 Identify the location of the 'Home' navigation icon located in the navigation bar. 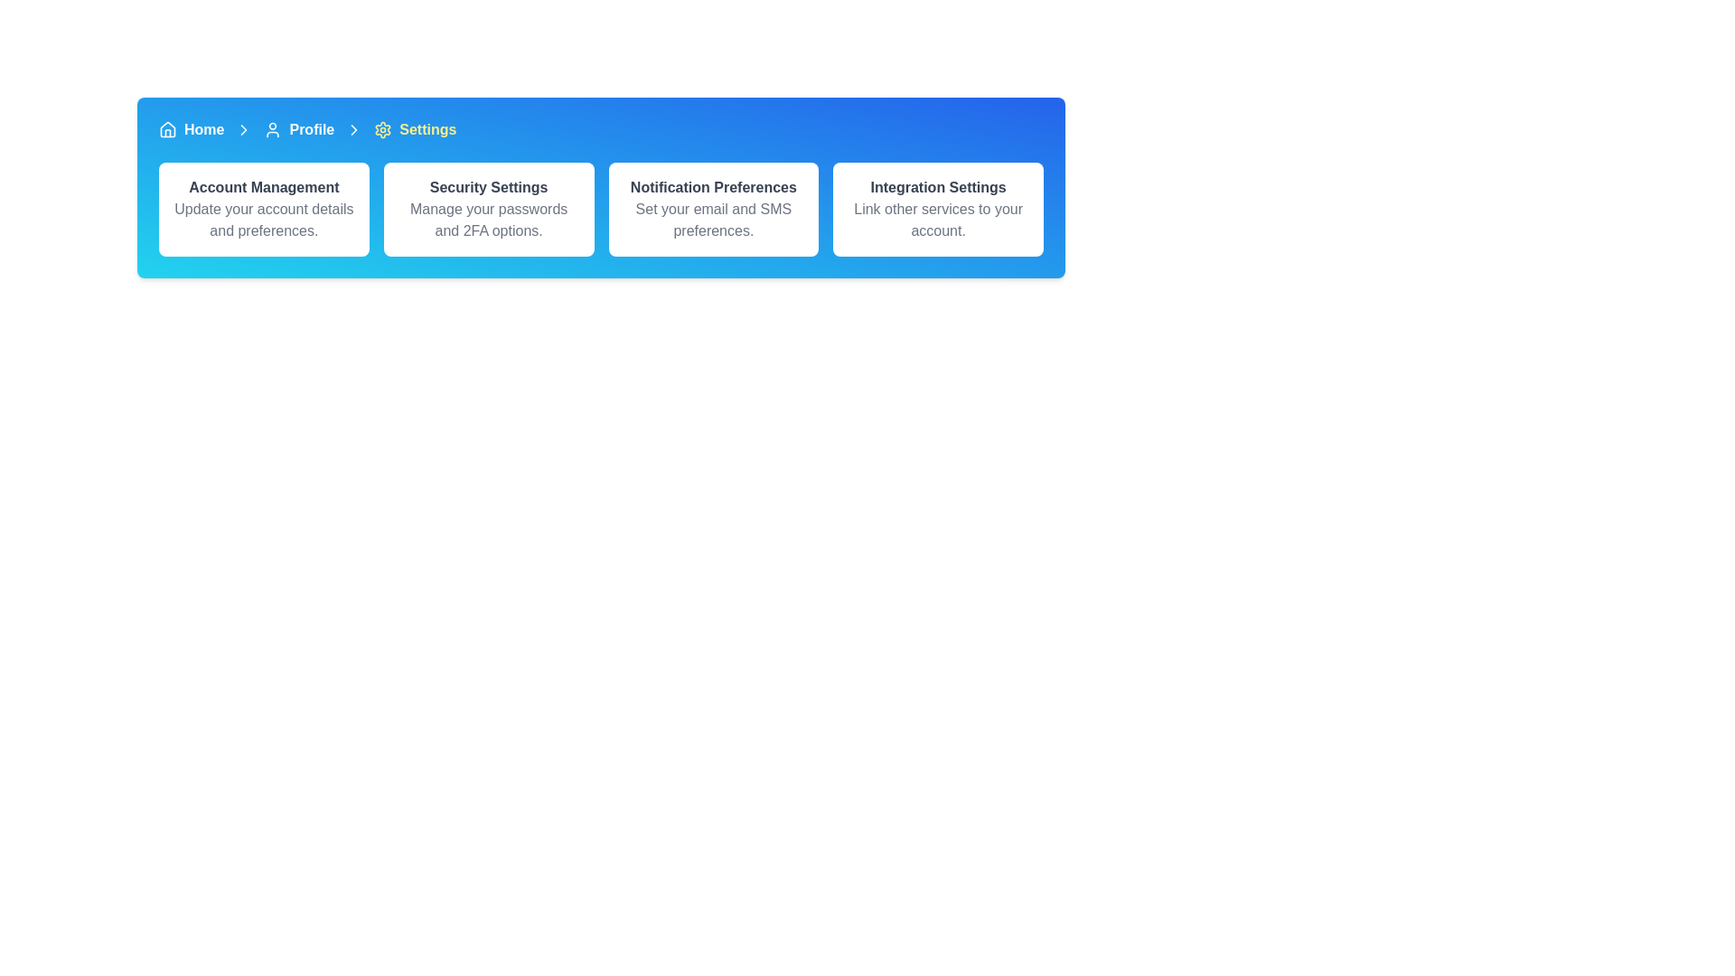
(168, 127).